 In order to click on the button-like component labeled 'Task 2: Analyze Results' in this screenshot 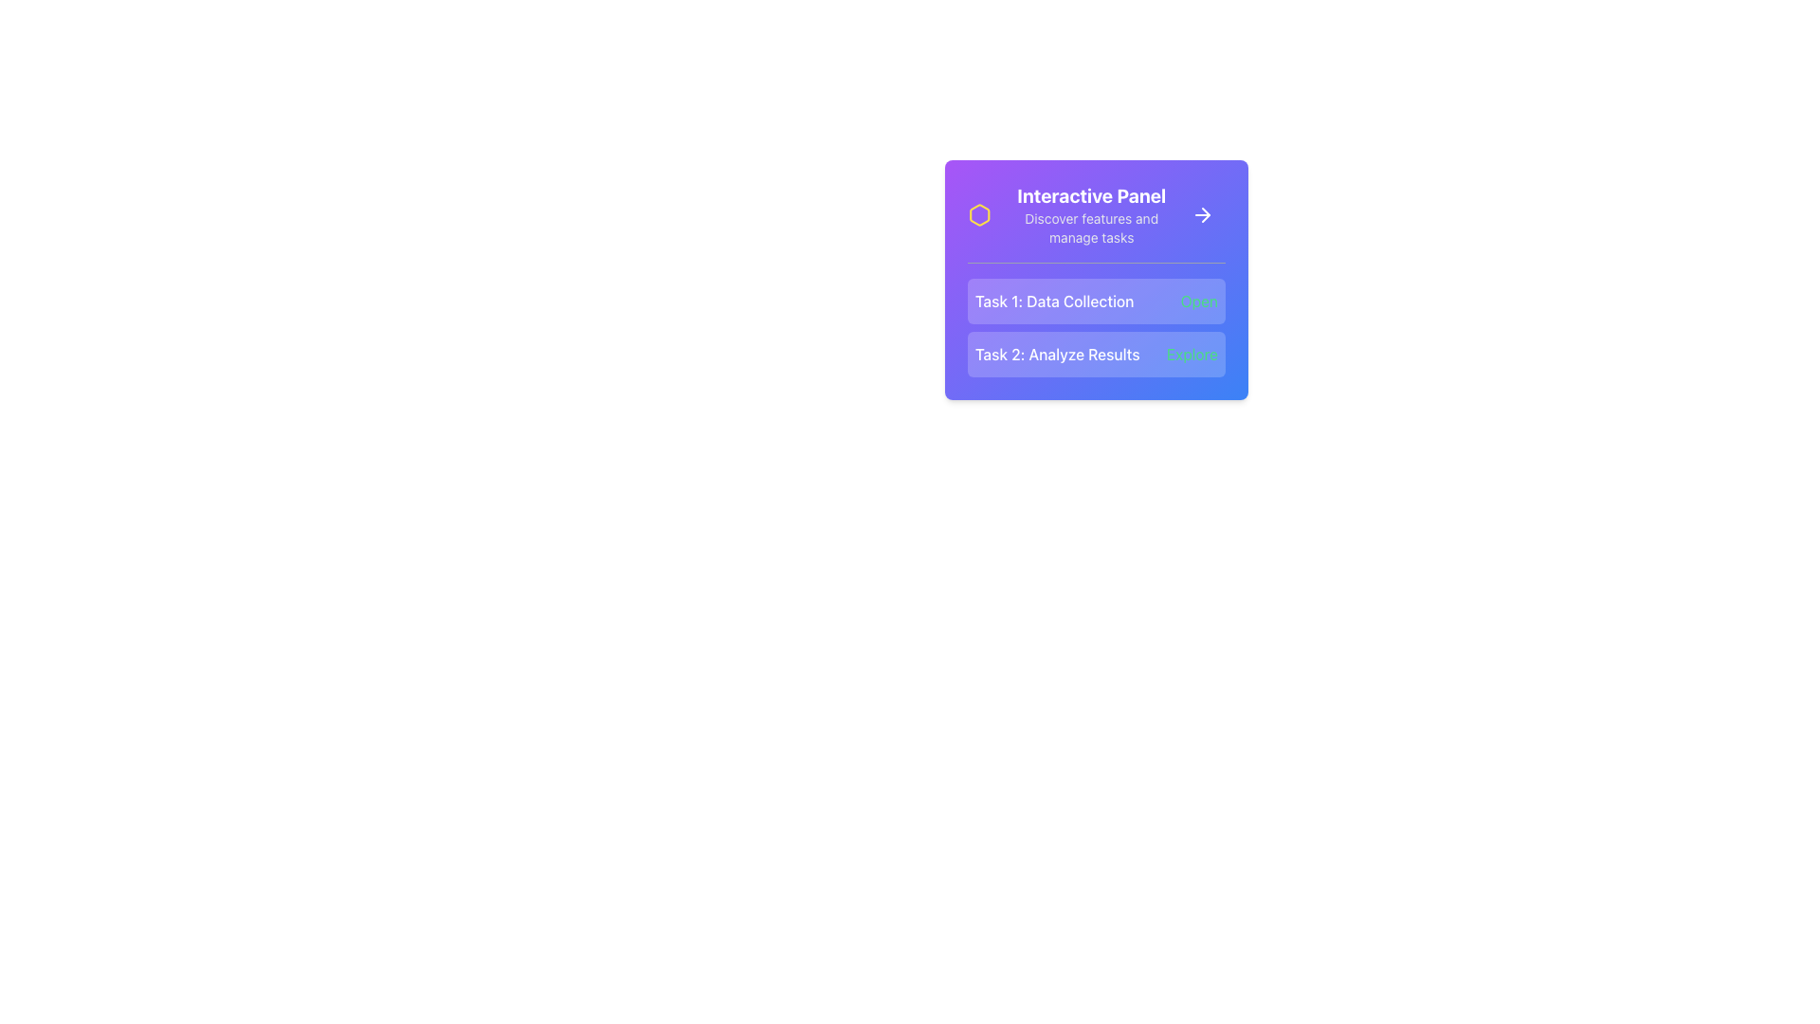, I will do `click(1096, 355)`.